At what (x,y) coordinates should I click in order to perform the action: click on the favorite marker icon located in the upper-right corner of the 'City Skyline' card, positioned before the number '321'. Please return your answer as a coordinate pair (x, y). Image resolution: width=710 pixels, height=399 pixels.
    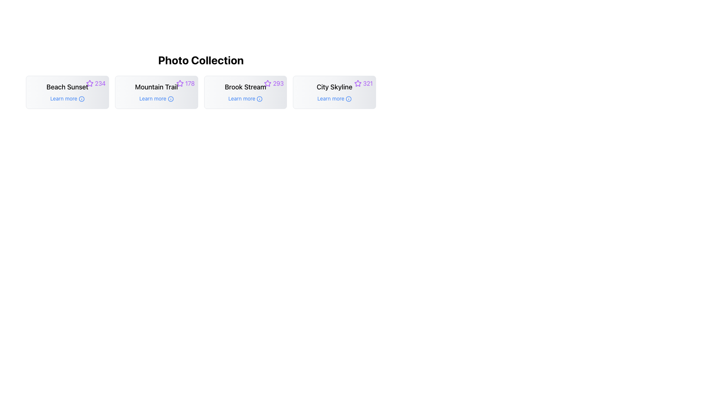
    Looking at the image, I should click on (358, 83).